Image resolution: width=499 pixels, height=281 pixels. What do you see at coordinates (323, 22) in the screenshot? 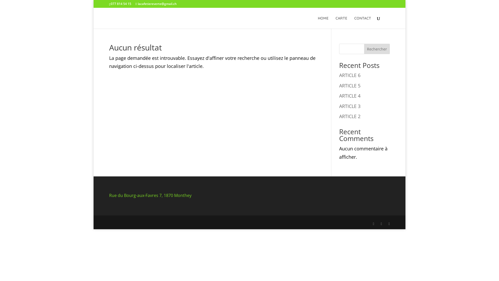
I see `'HOME'` at bounding box center [323, 22].